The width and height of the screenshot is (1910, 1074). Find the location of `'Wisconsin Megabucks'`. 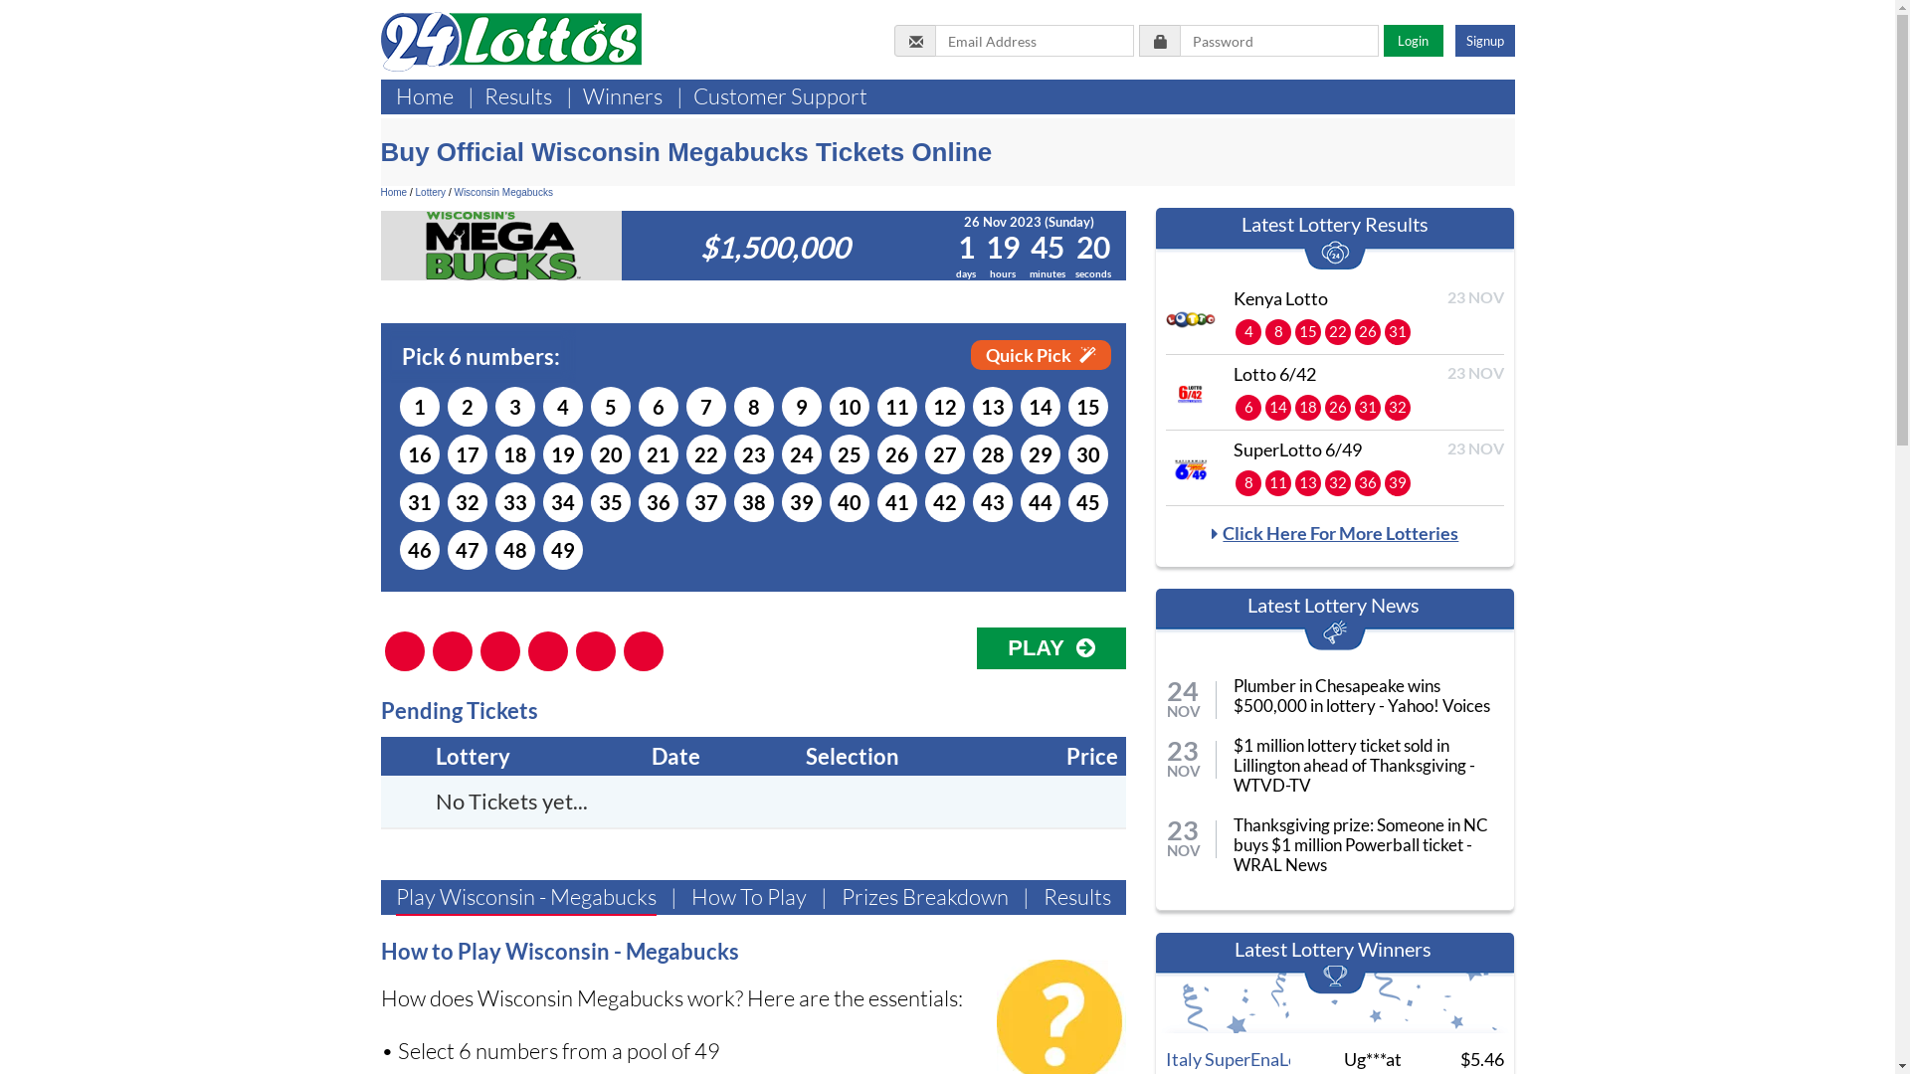

'Wisconsin Megabucks' is located at coordinates (502, 192).